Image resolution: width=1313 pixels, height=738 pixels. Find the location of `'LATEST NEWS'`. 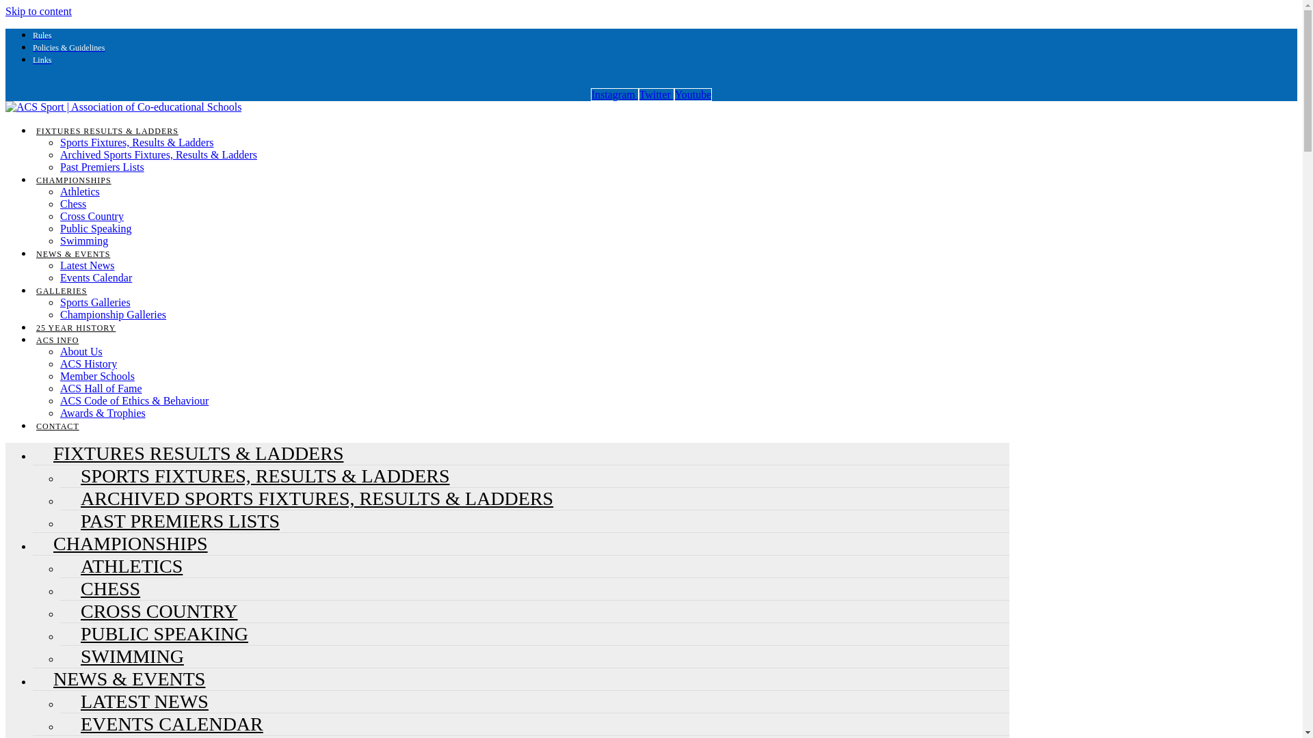

'LATEST NEWS' is located at coordinates (134, 701).